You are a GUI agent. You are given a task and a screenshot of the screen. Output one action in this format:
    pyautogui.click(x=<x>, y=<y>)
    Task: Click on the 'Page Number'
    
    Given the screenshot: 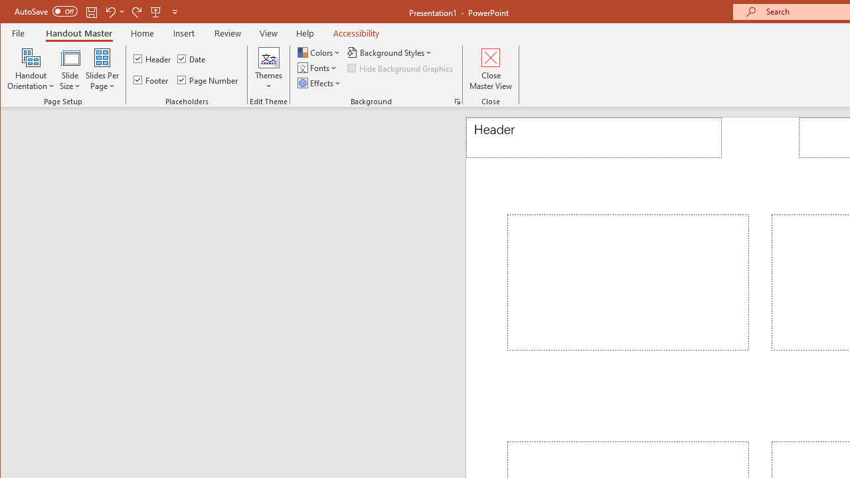 What is the action you would take?
    pyautogui.click(x=208, y=80)
    